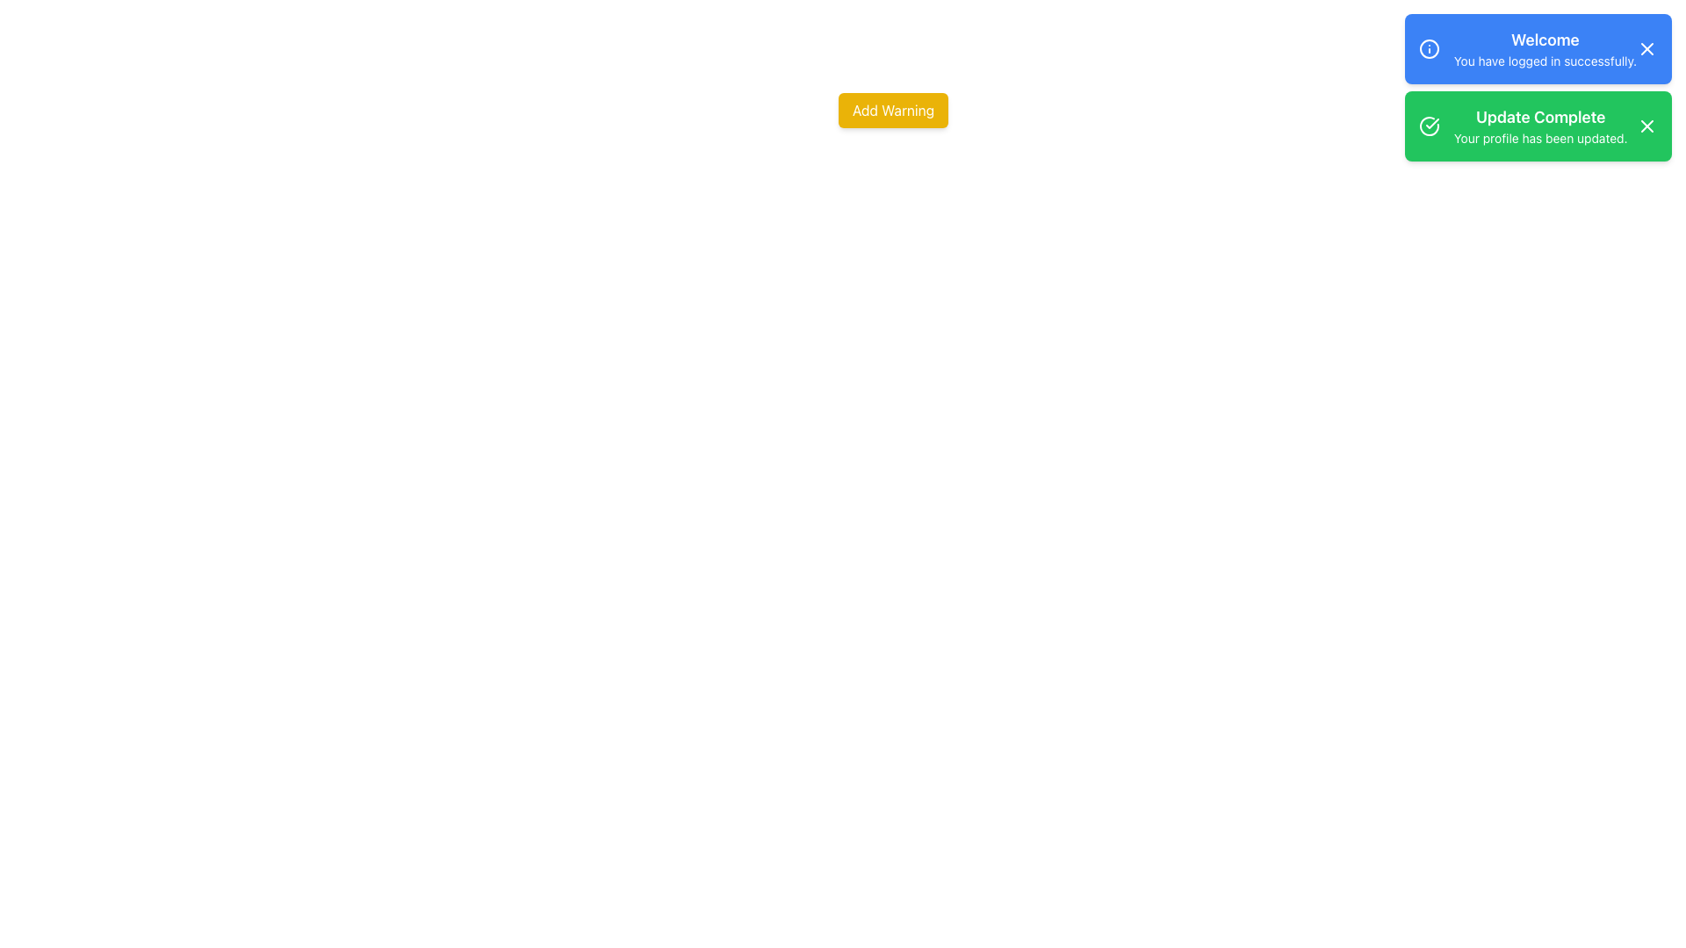  What do you see at coordinates (1429, 125) in the screenshot?
I see `the circular success icon with a green circle and white tick mark, which is positioned to the left of the 'Update Complete' notification` at bounding box center [1429, 125].